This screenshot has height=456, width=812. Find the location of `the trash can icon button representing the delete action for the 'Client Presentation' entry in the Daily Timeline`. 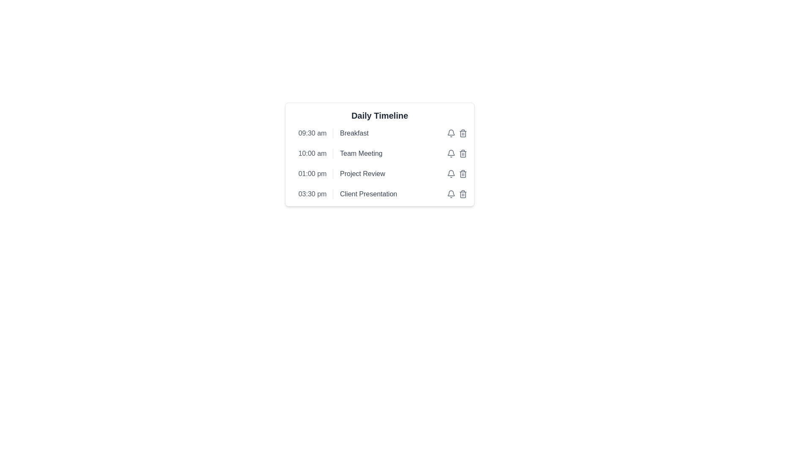

the trash can icon button representing the delete action for the 'Client Presentation' entry in the Daily Timeline is located at coordinates (462, 194).